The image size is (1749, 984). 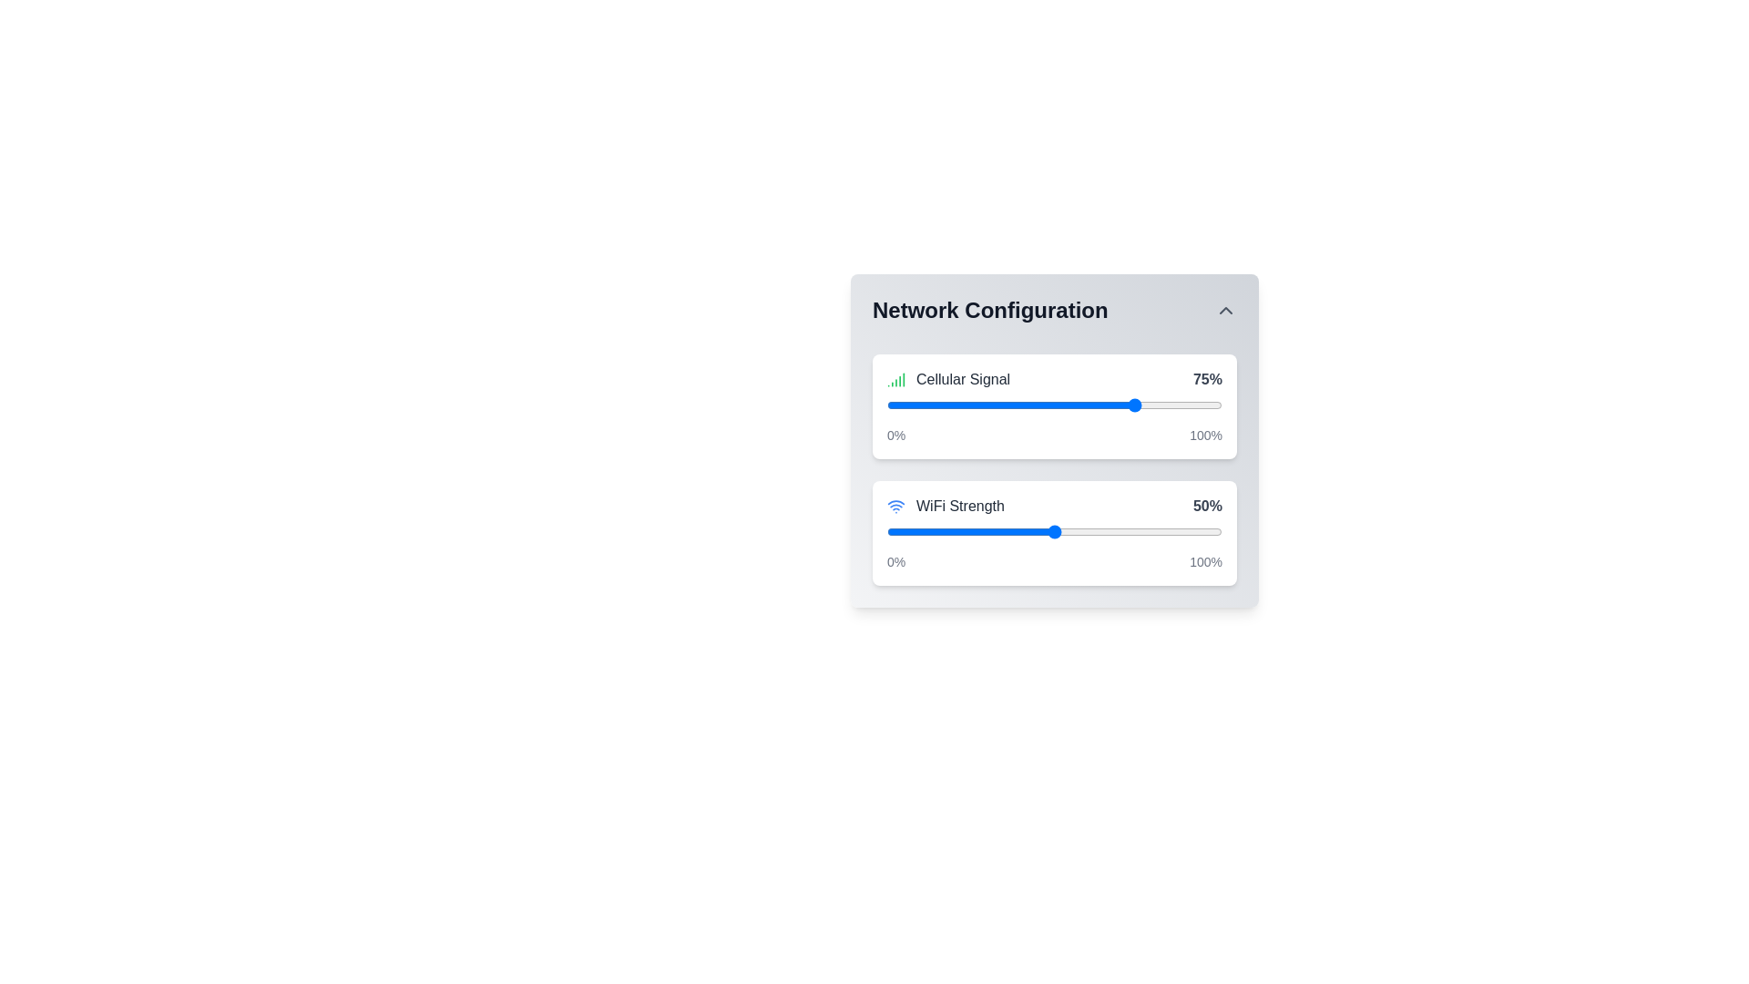 What do you see at coordinates (963, 404) in the screenshot?
I see `the cellular signal strength` at bounding box center [963, 404].